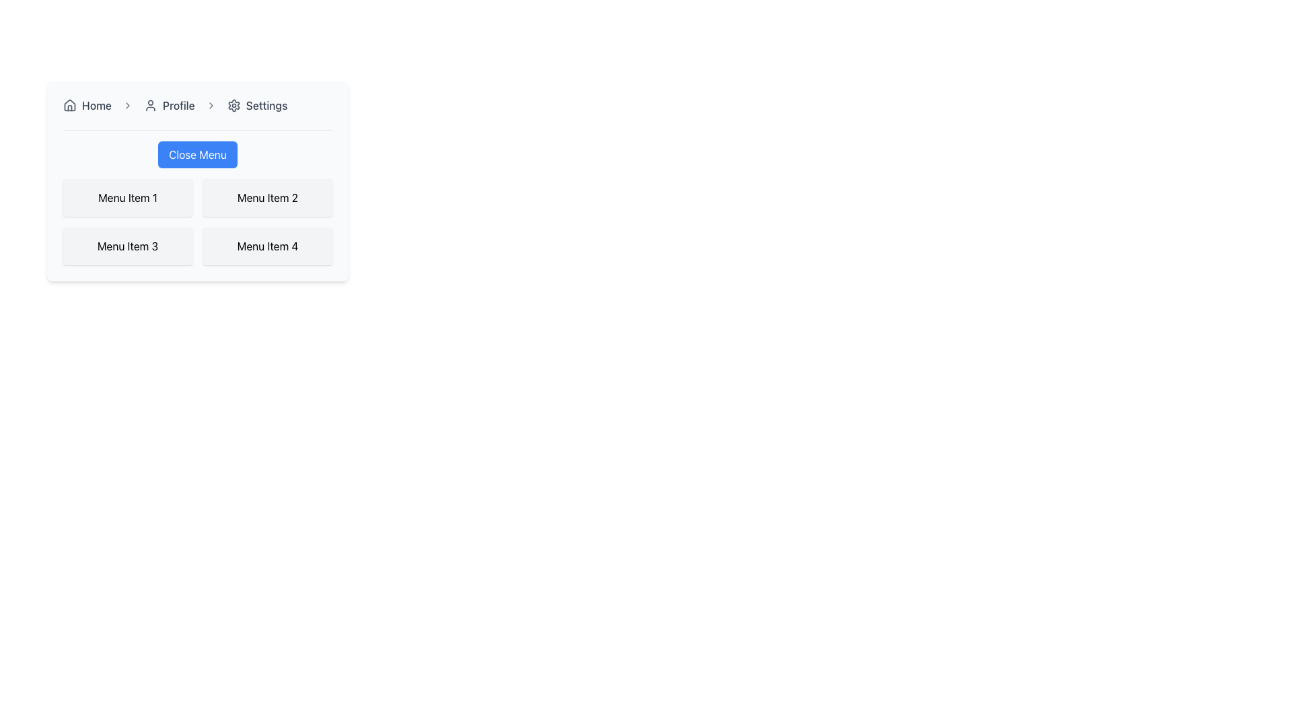 This screenshot has width=1292, height=727. I want to click on the 'Home' icon located at the top-left corner of the navigation bar, so click(69, 105).